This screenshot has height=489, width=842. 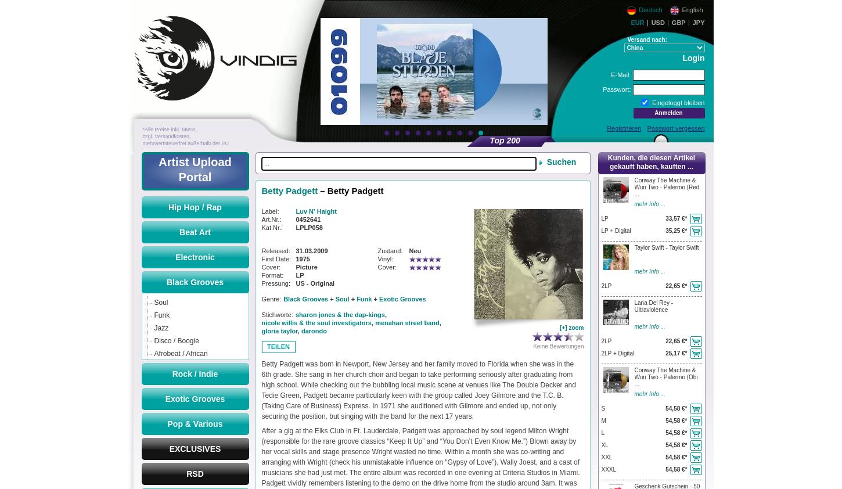 I want to click on 'Electronic', so click(x=195, y=256).